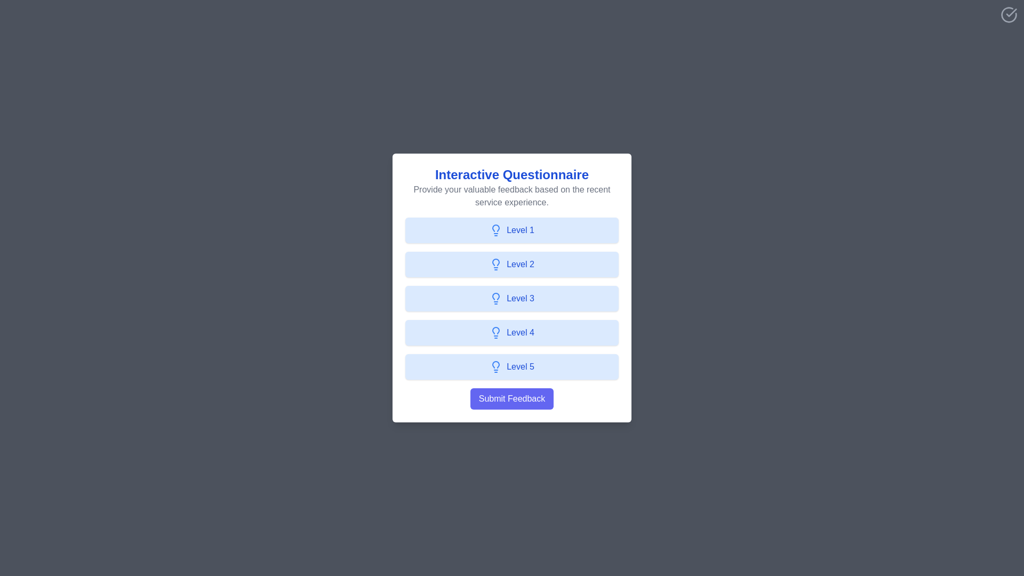  I want to click on the feedback level button labeled Level 4, so click(512, 332).